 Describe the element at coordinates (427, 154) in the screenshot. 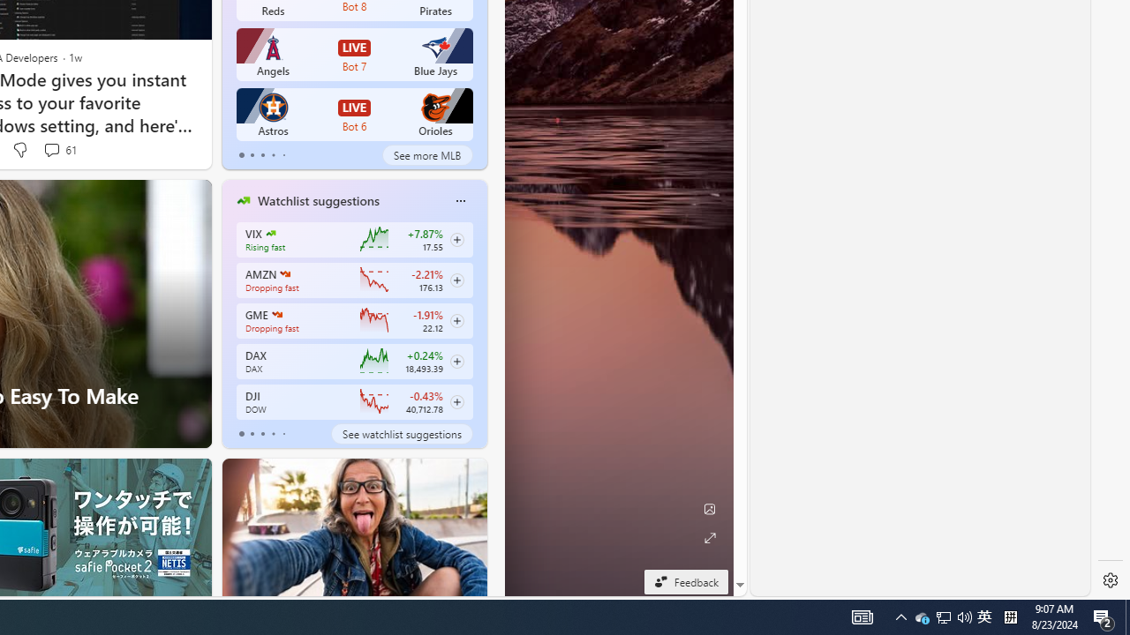

I see `'See more MLB'` at that location.